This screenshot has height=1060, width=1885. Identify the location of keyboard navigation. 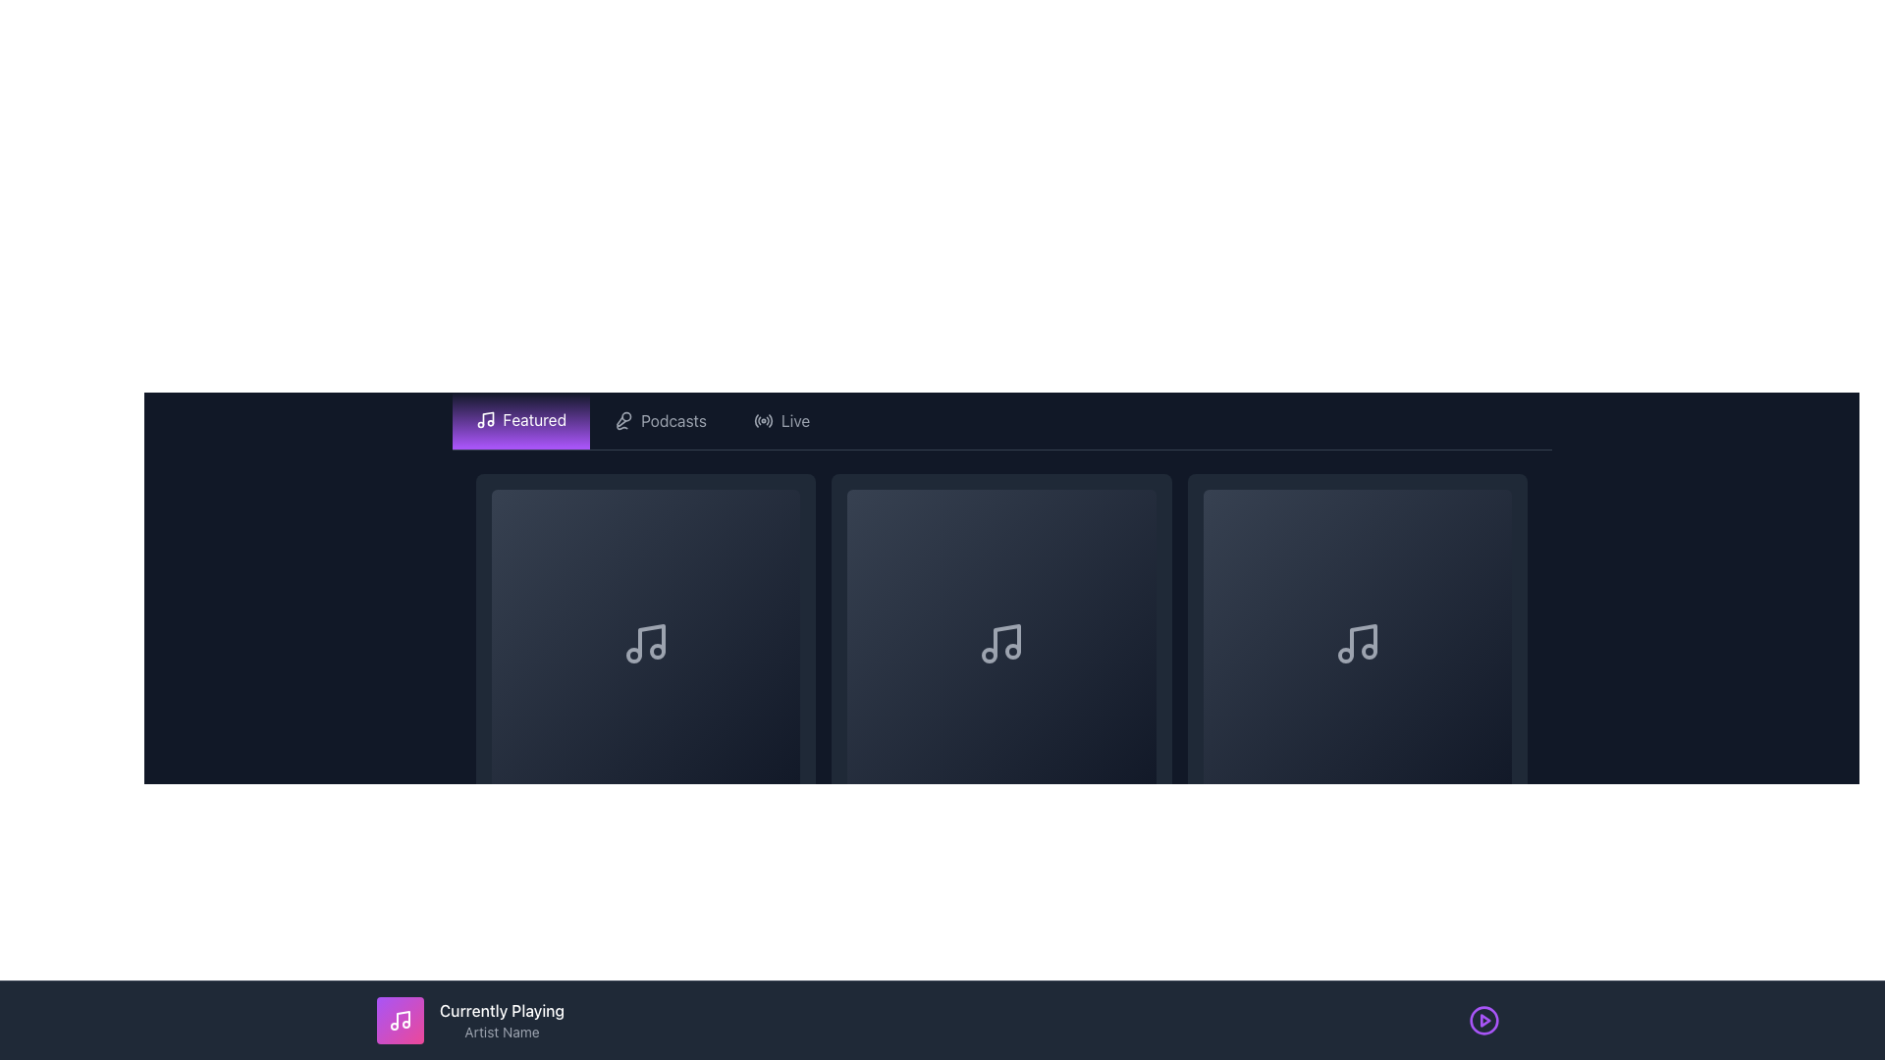
(645, 672).